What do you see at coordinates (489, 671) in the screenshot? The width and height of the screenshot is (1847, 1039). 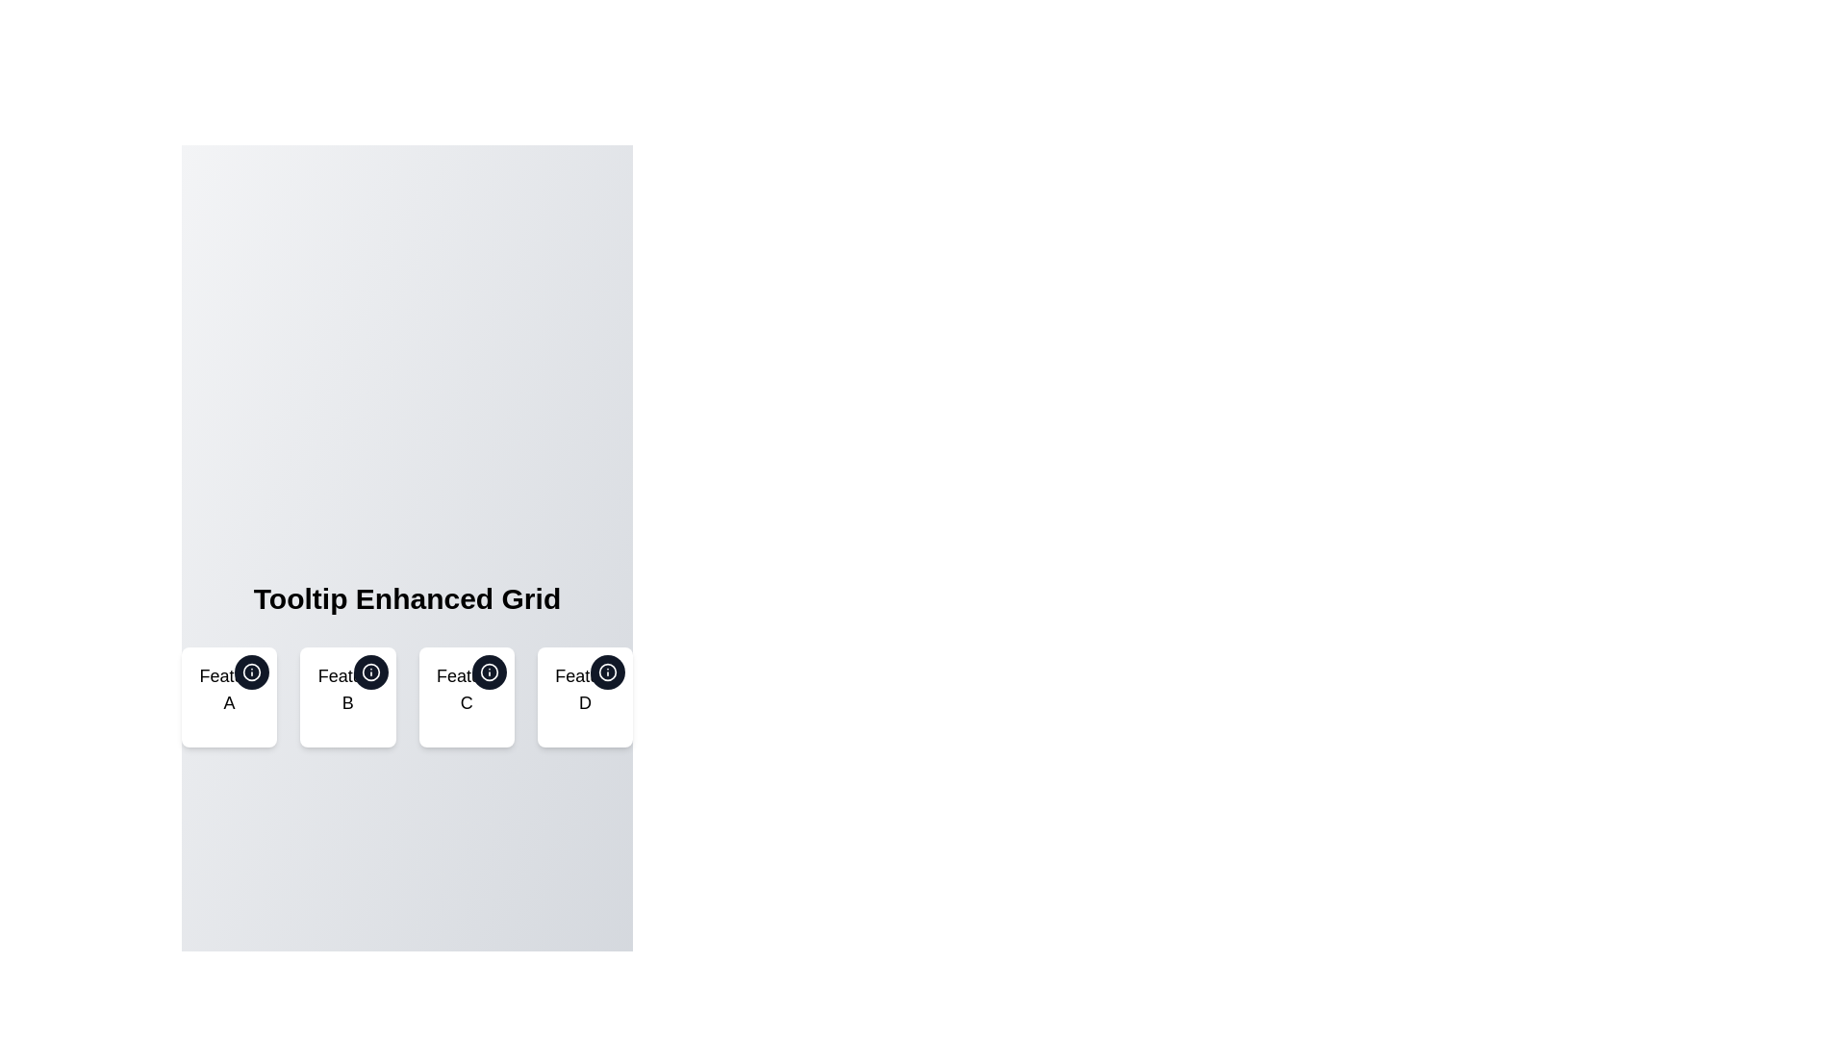 I see `the button located at the top-right corner of the 'Feature C' card` at bounding box center [489, 671].